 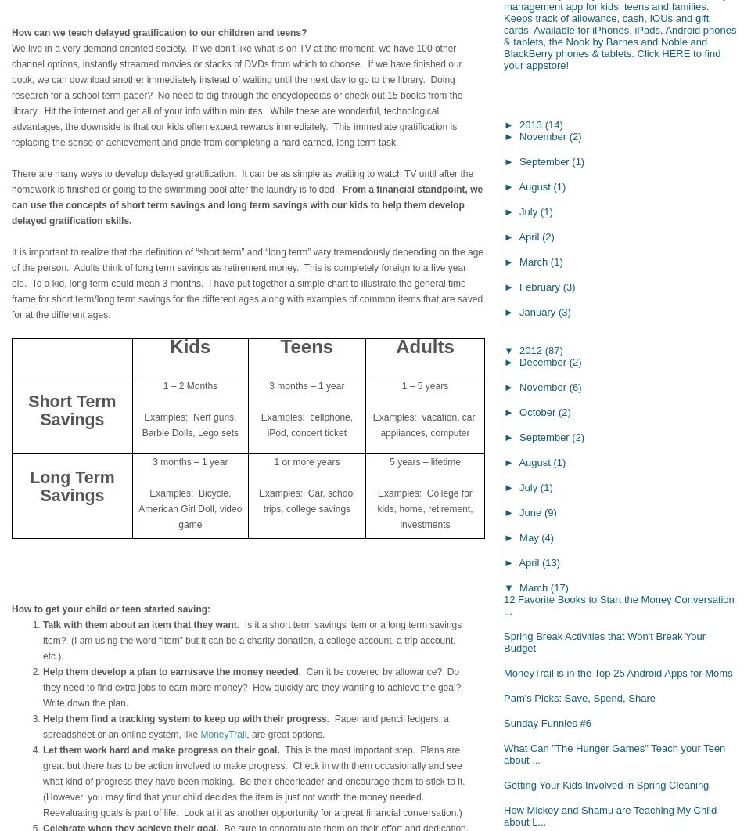 I want to click on ', are great options.', so click(x=246, y=734).